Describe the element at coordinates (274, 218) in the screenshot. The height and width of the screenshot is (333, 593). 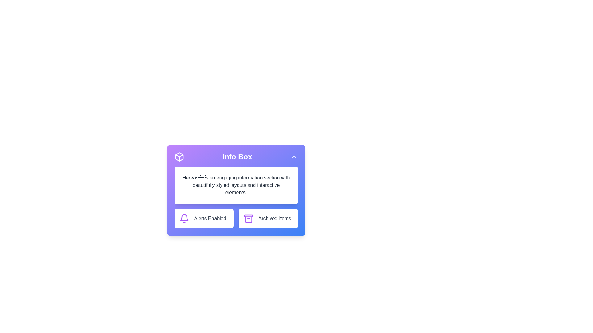
I see `the 'Archived Items' text label located in the Info Box card at the bottom-right area, adjacent to the archive box icon` at that location.